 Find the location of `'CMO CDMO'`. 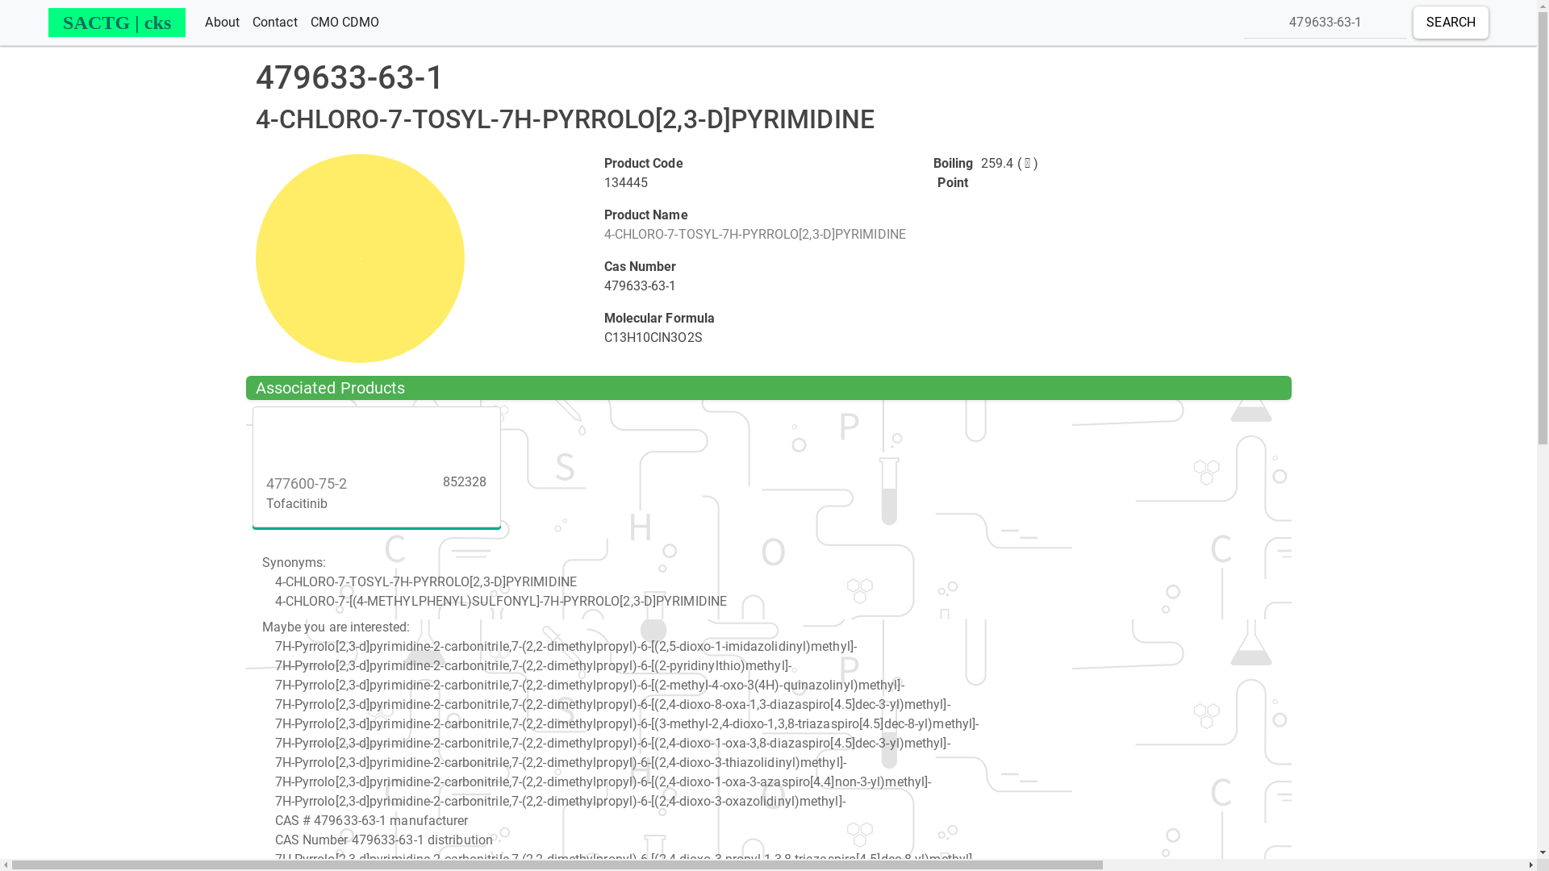

'CMO CDMO' is located at coordinates (304, 23).